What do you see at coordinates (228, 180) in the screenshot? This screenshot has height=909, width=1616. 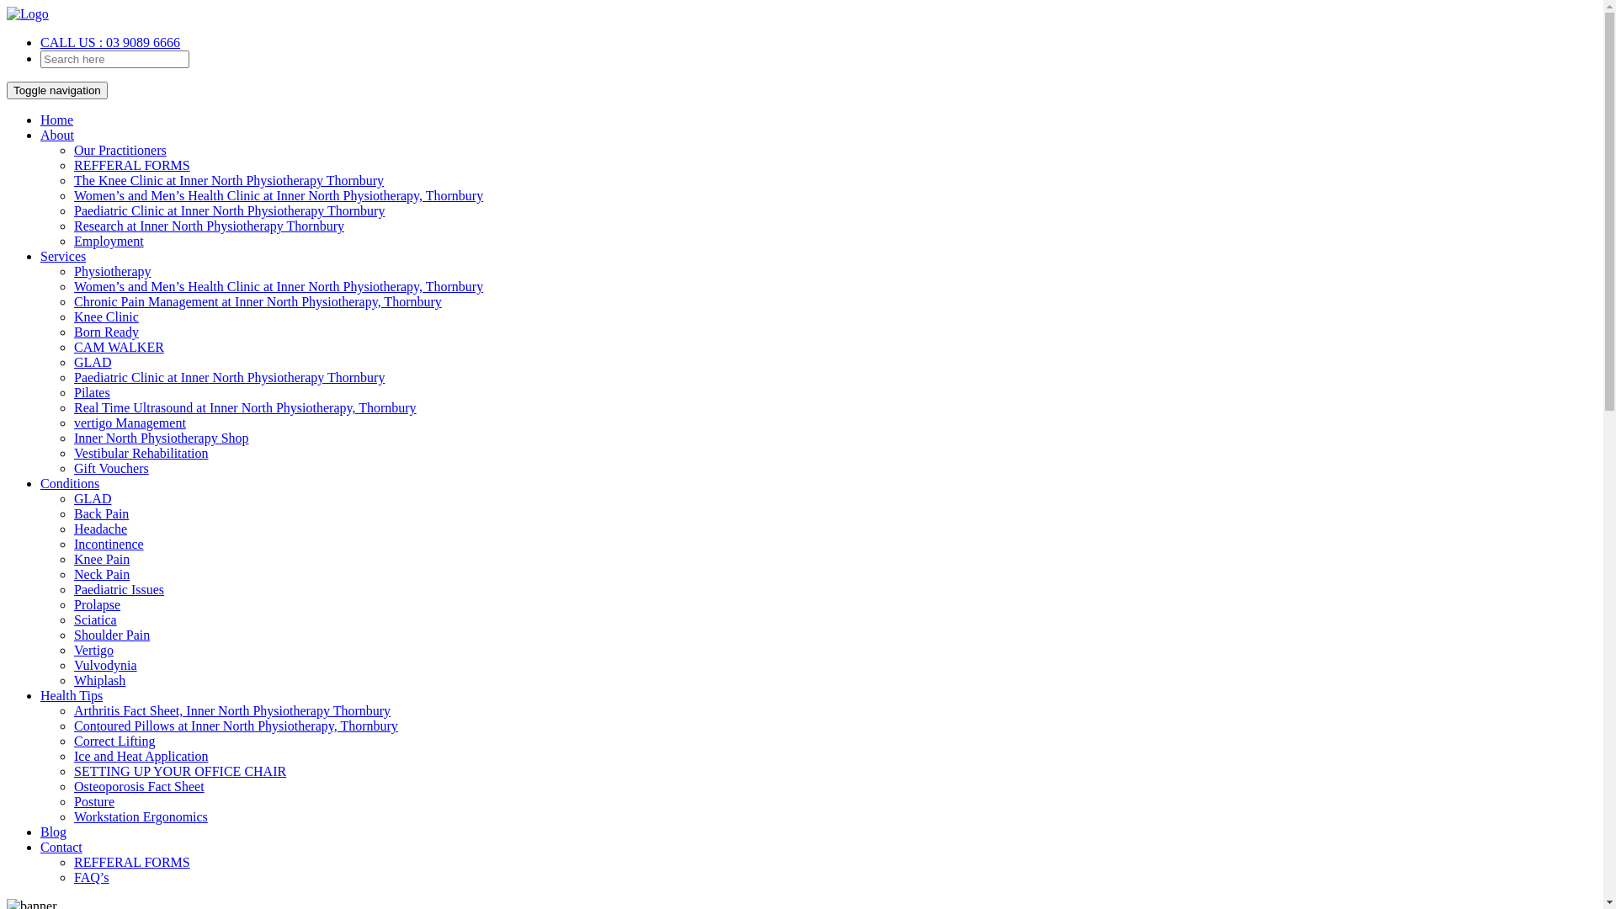 I see `'The Knee Clinic at Inner North Physiotherapy Thornbury'` at bounding box center [228, 180].